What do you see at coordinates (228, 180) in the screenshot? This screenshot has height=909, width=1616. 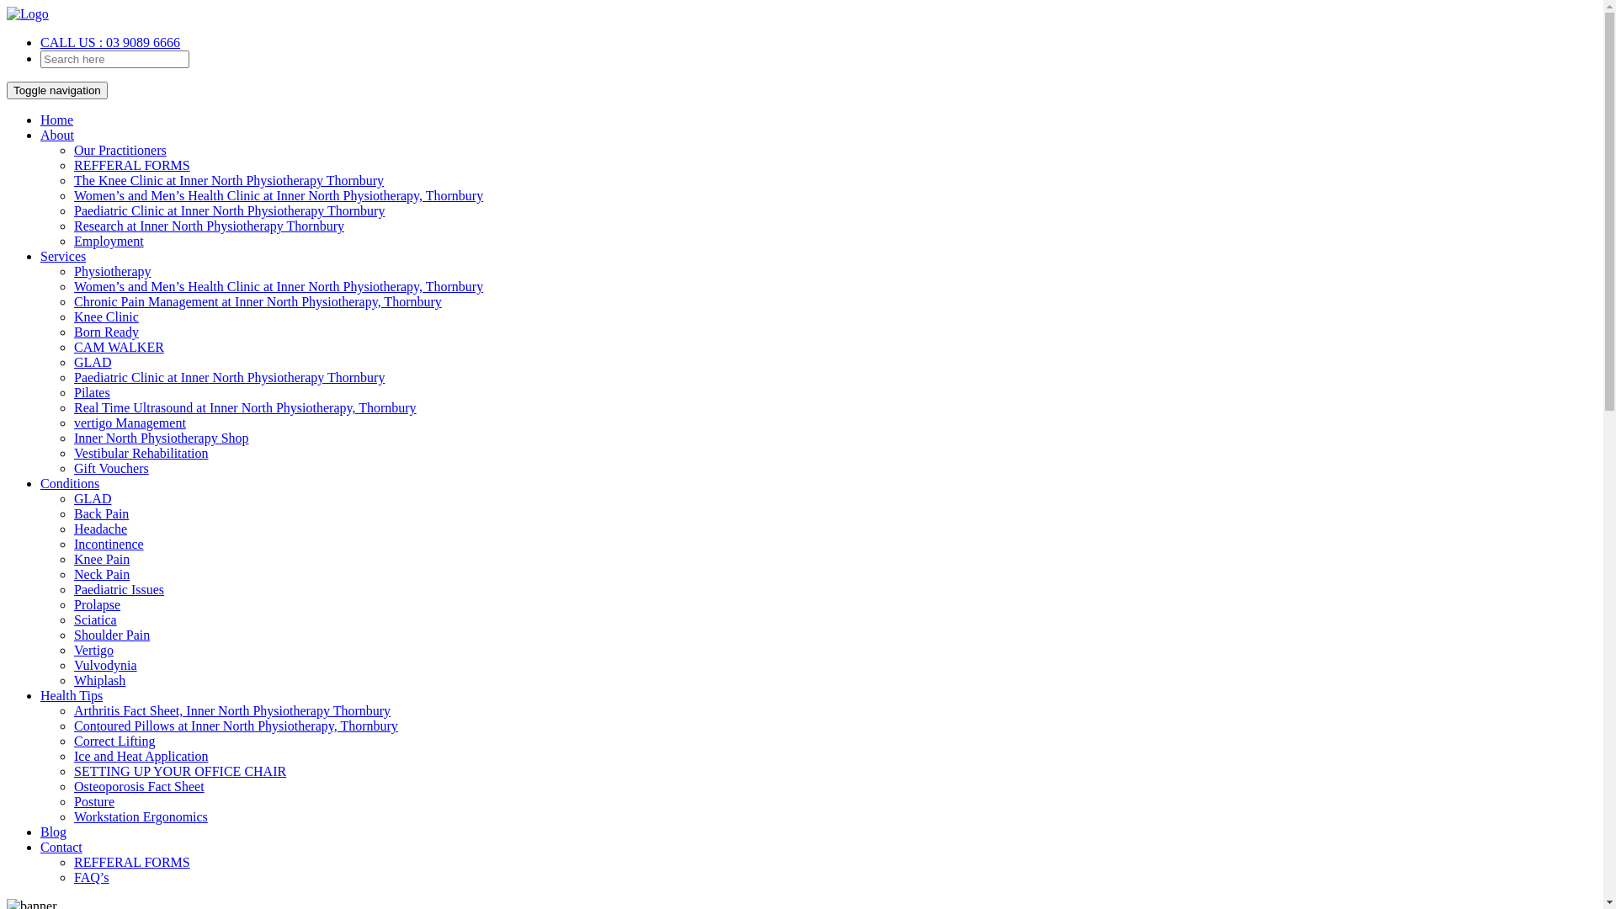 I see `'The Knee Clinic at Inner North Physiotherapy Thornbury'` at bounding box center [228, 180].